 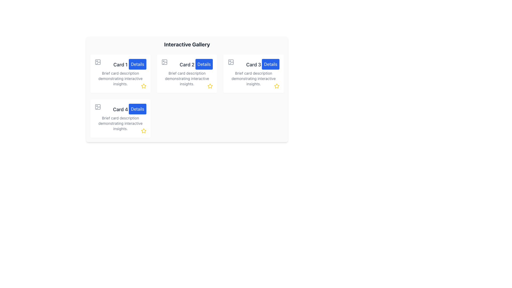 What do you see at coordinates (187, 78) in the screenshot?
I see `descriptive text element located within 'Card 2' in the grid layout, situated between the title 'Card 2' and the star icon` at bounding box center [187, 78].